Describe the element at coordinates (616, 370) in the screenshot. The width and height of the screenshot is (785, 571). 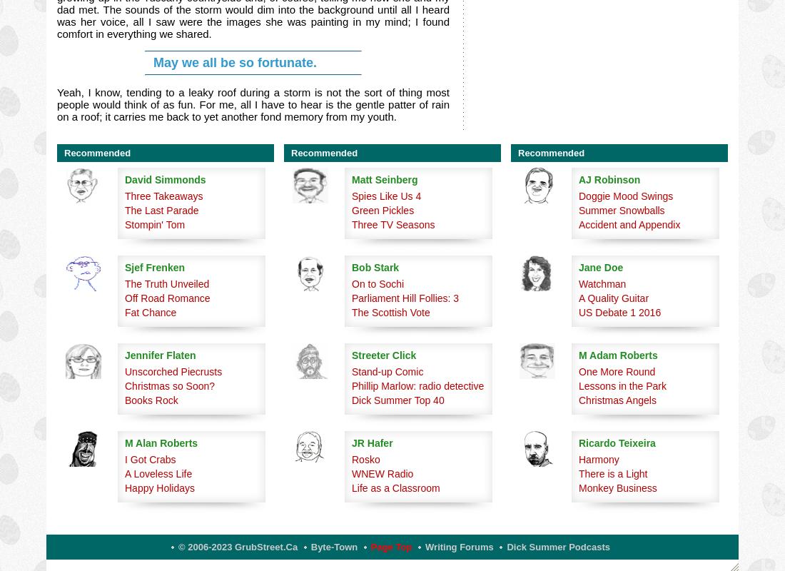
I see `'One More Round'` at that location.